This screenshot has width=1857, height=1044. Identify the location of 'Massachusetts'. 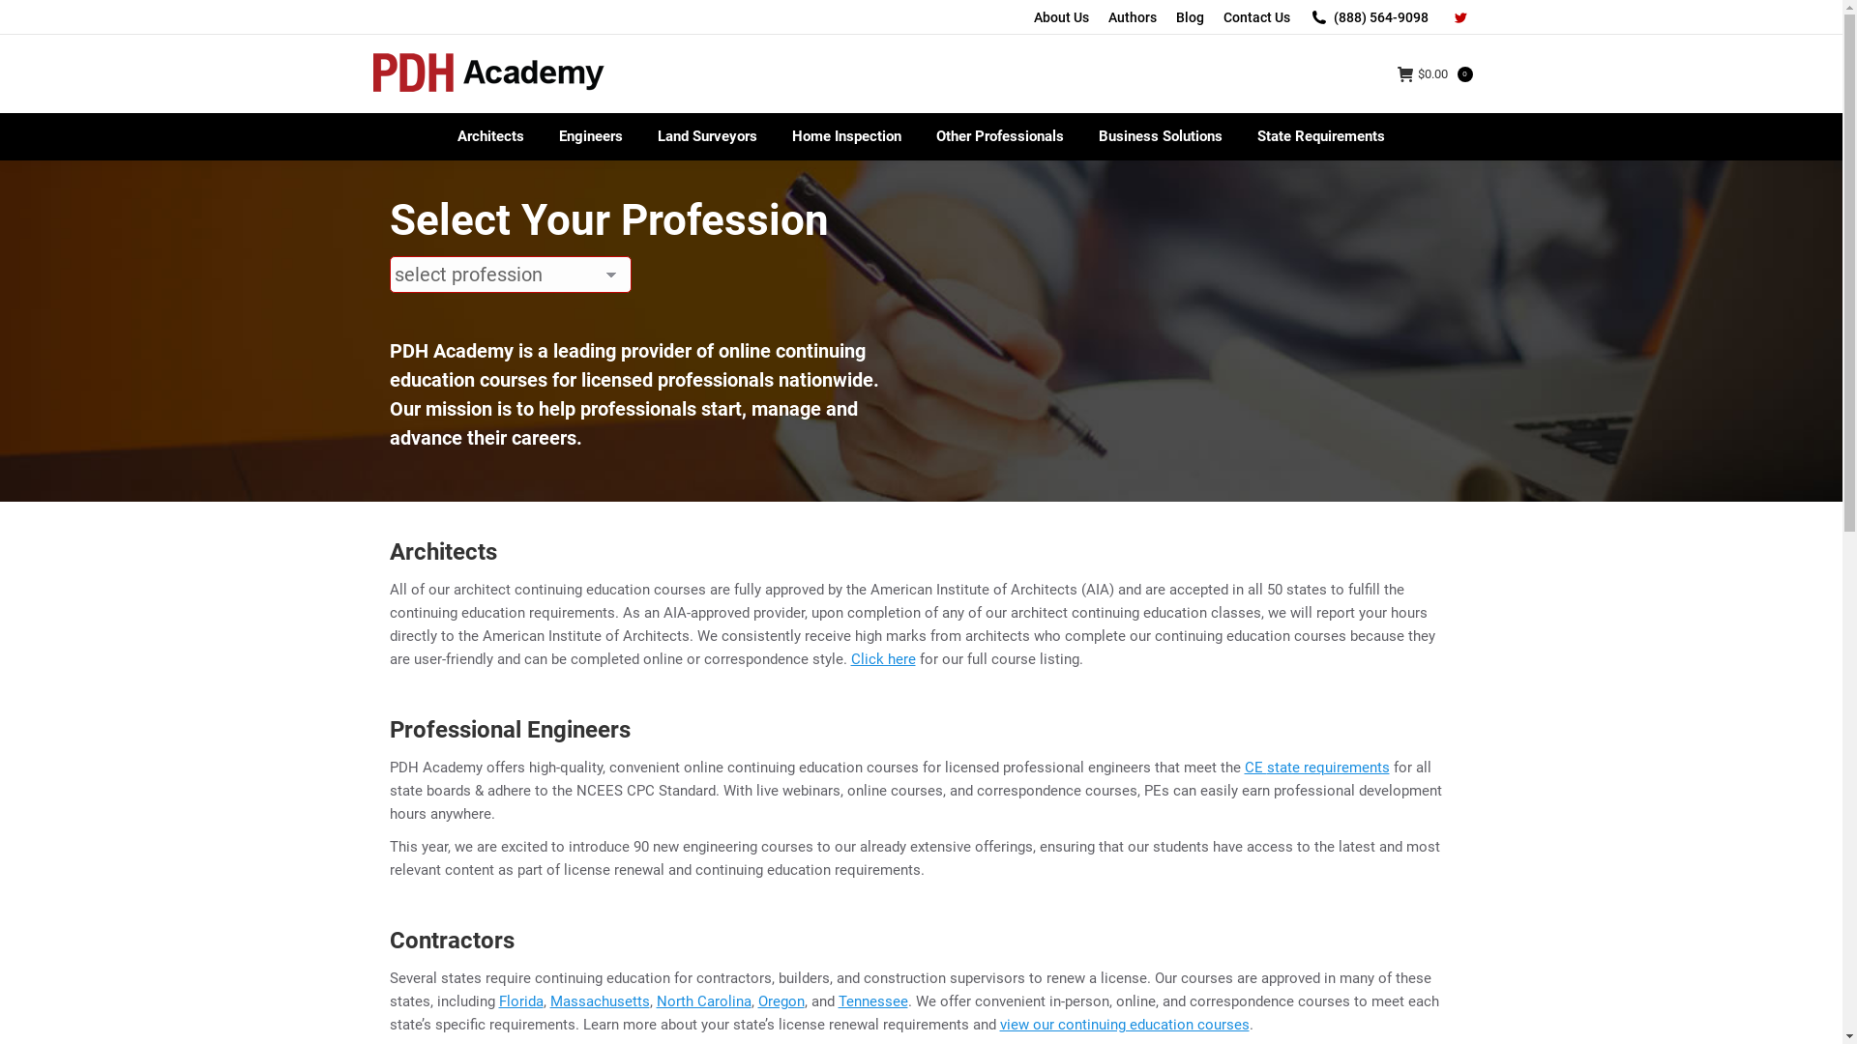
(598, 1000).